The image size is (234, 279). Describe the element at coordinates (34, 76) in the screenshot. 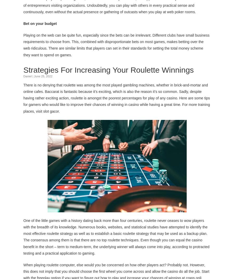

I see `'June 25, 2022'` at that location.